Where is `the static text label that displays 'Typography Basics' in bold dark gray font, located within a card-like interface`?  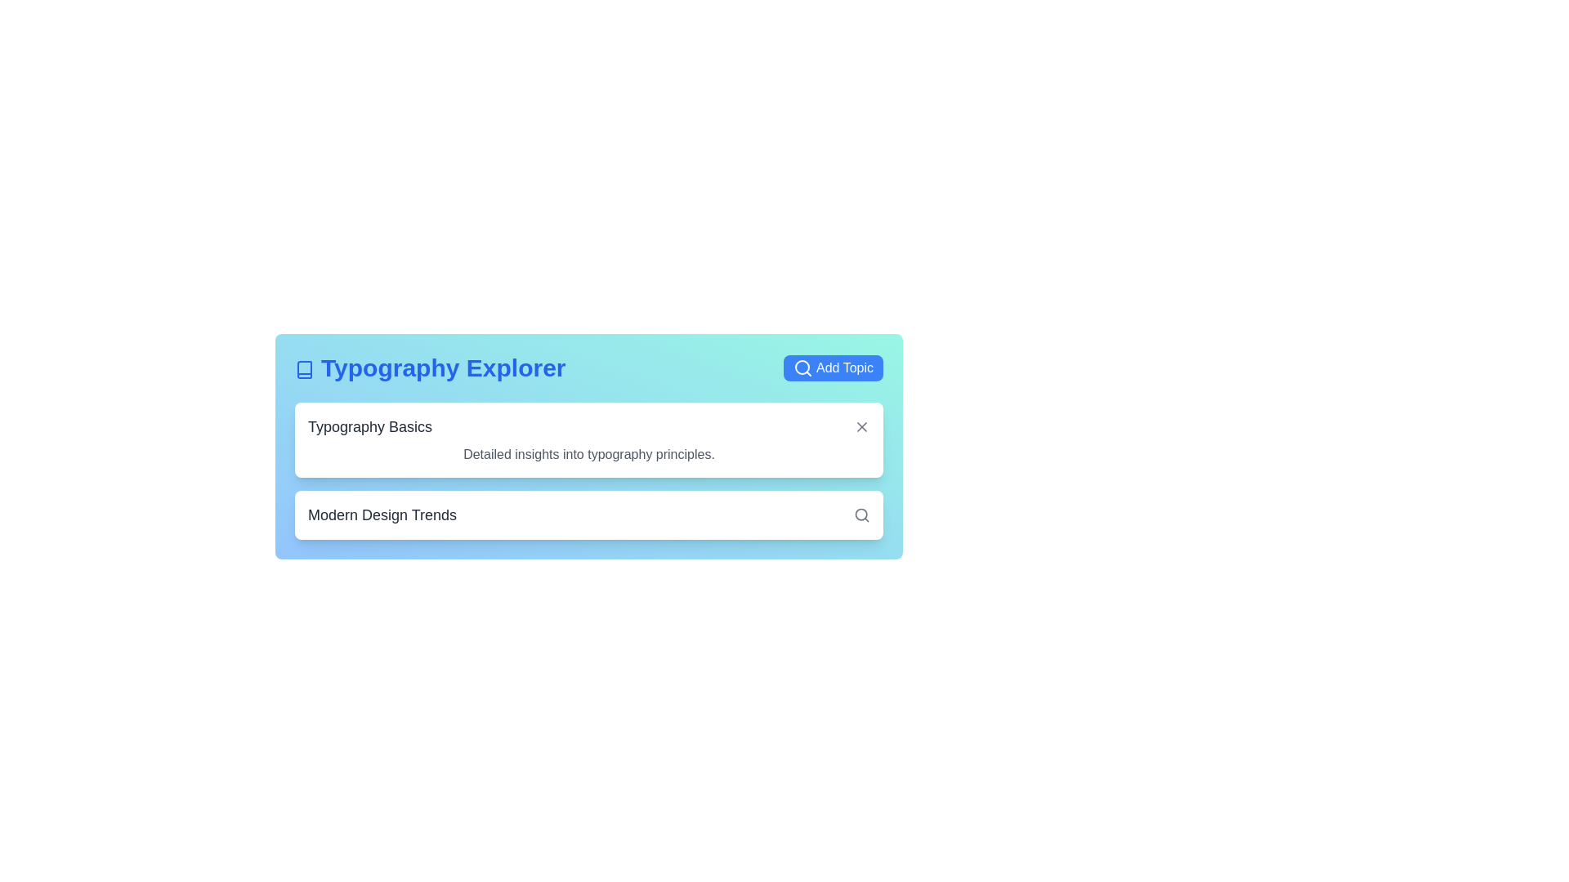 the static text label that displays 'Typography Basics' in bold dark gray font, located within a card-like interface is located at coordinates (369, 426).